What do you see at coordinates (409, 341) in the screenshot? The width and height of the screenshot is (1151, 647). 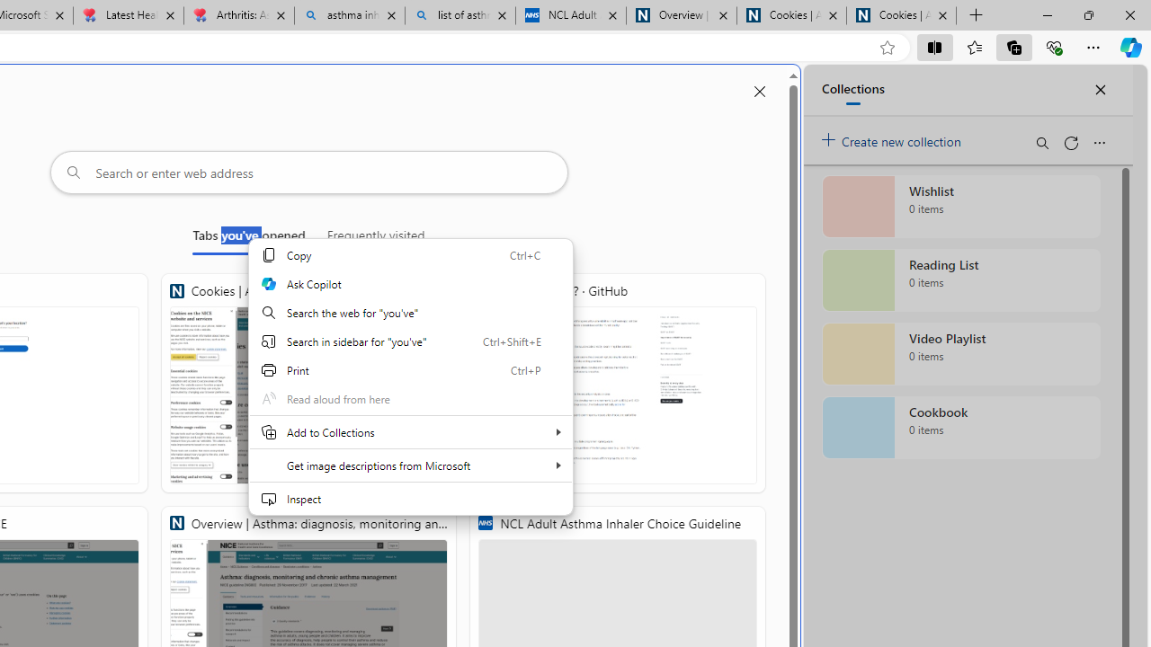 I see `'Search in sidebar for "you'` at bounding box center [409, 341].